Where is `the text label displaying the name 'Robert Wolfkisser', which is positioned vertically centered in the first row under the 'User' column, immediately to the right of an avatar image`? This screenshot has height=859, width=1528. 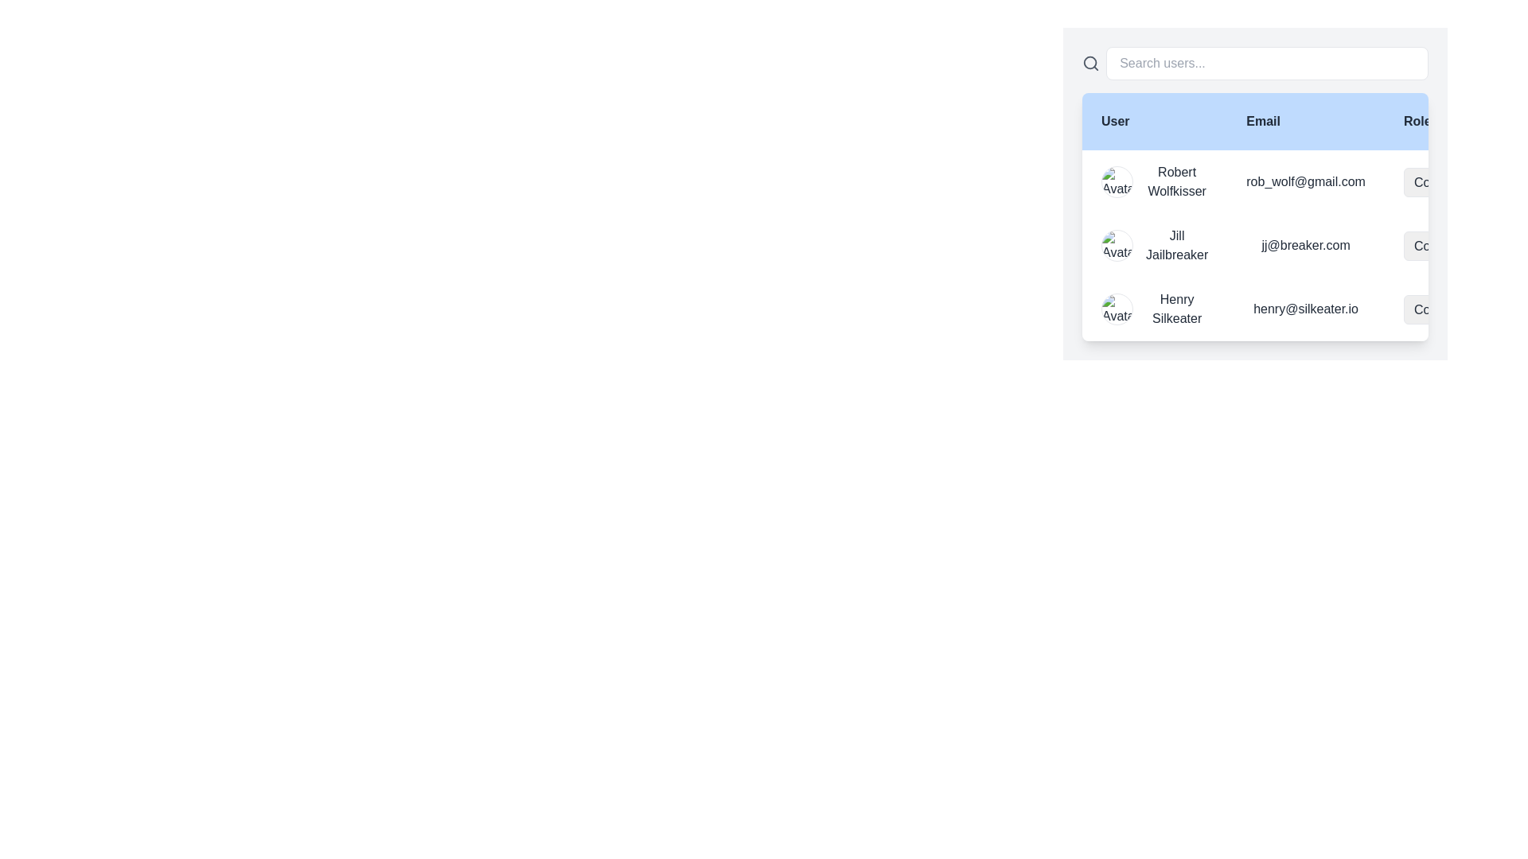
the text label displaying the name 'Robert Wolfkisser', which is positioned vertically centered in the first row under the 'User' column, immediately to the right of an avatar image is located at coordinates (1177, 181).